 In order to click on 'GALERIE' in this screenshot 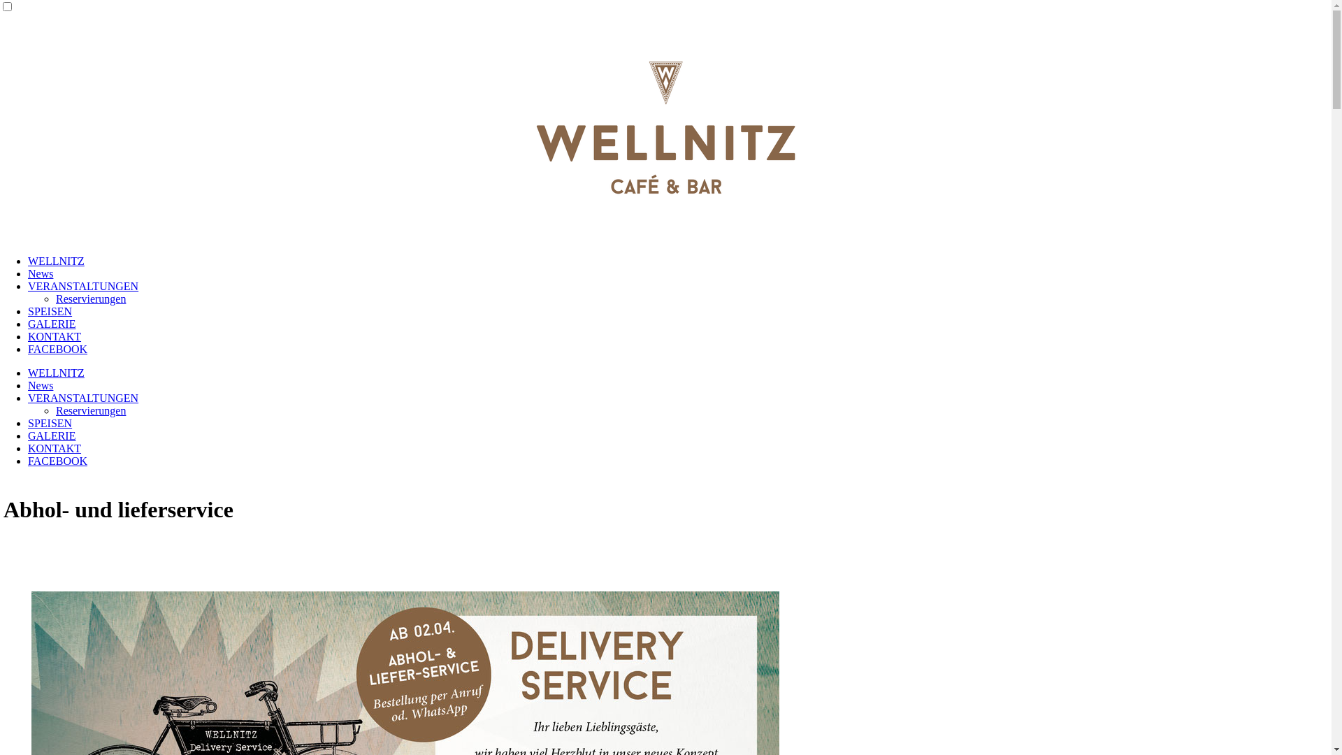, I will do `click(51, 435)`.